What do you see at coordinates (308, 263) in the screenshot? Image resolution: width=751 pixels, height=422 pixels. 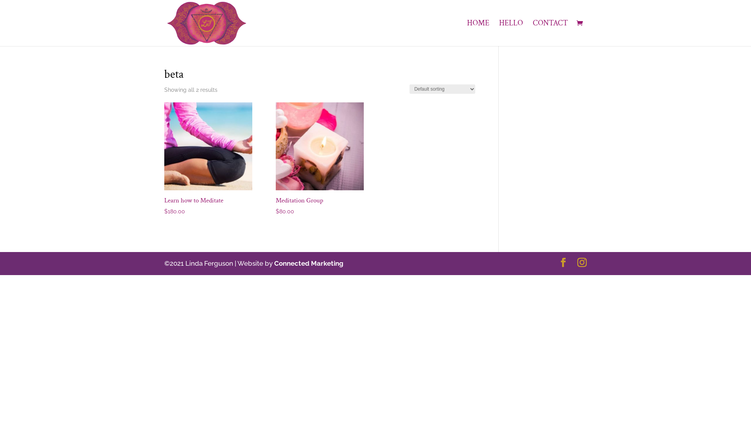 I see `'Connected Marketing'` at bounding box center [308, 263].